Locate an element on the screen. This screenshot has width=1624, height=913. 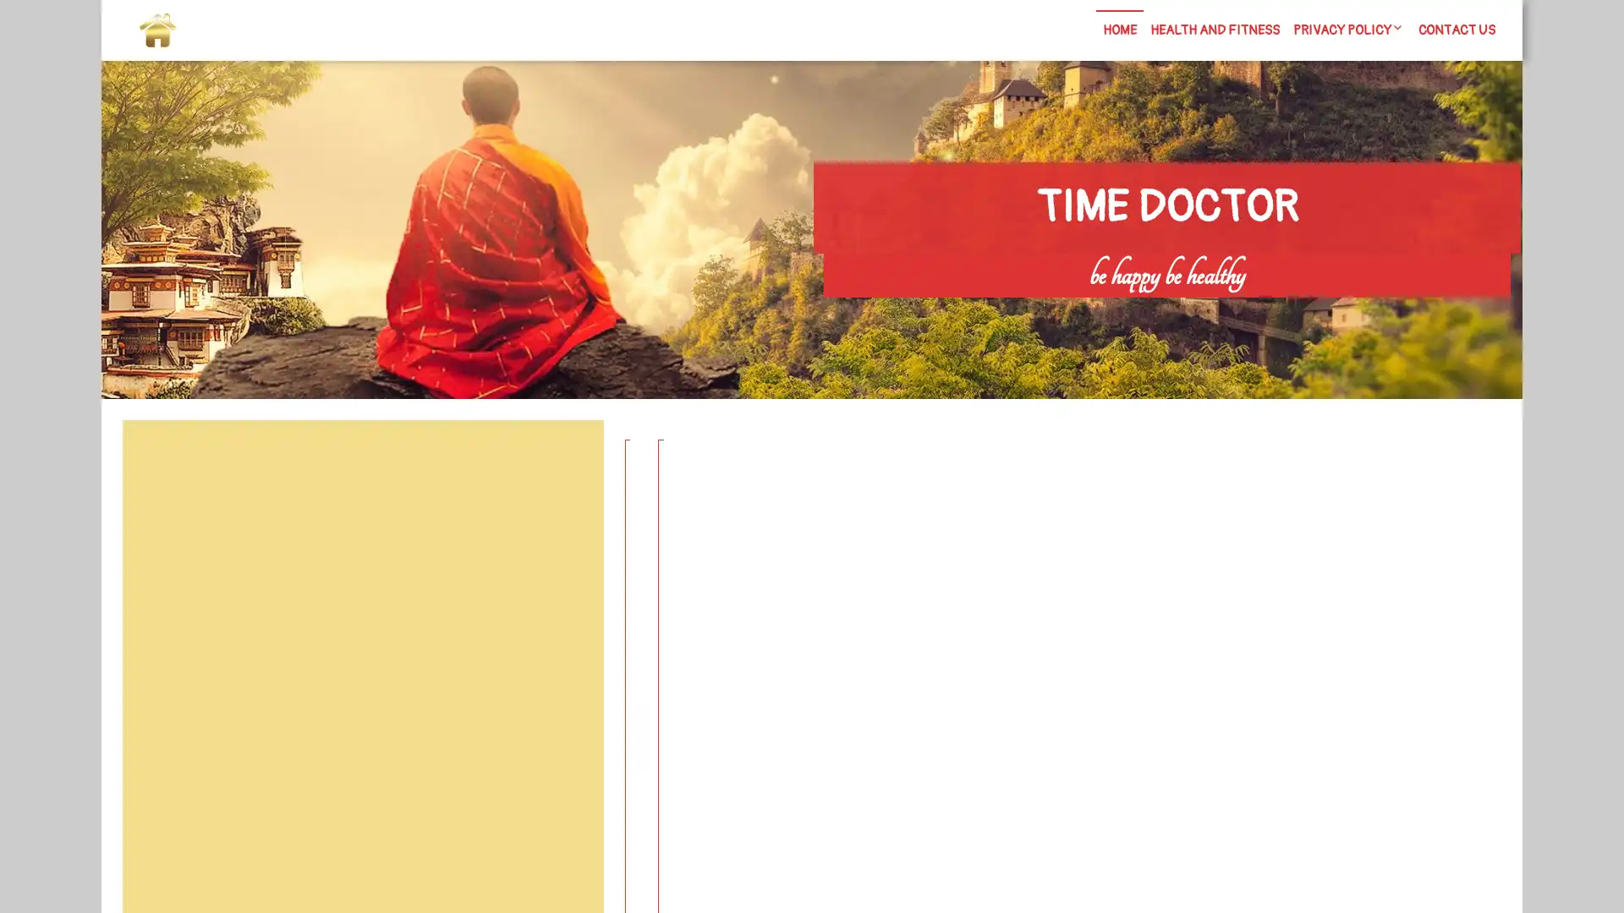
Search is located at coordinates (564, 461).